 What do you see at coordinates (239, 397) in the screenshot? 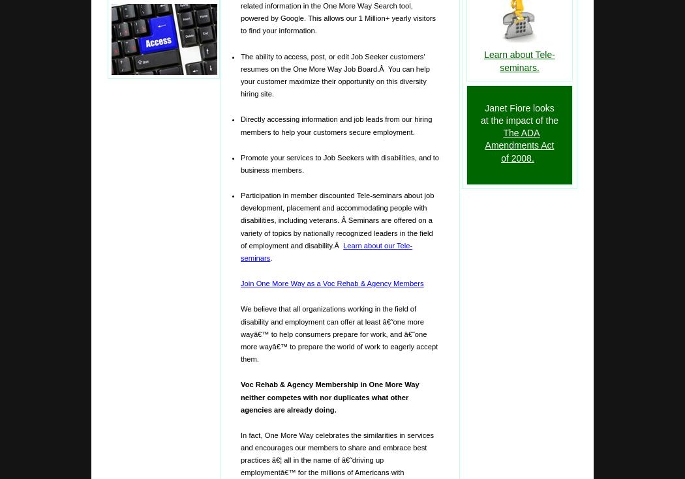
I see `'Voc Rehab & Agency Membership in One More Way  neither competes with nor duplicates what other agencies are already doing.'` at bounding box center [239, 397].